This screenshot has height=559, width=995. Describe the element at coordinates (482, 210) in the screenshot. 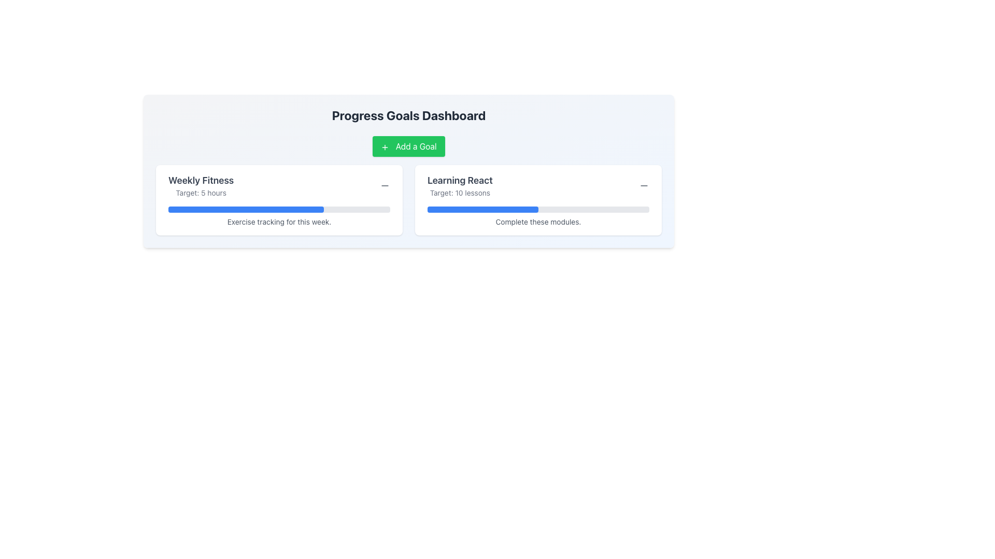

I see `the blue progress indicator bar under the 'Learning React' section, which represents 50% progress` at that location.